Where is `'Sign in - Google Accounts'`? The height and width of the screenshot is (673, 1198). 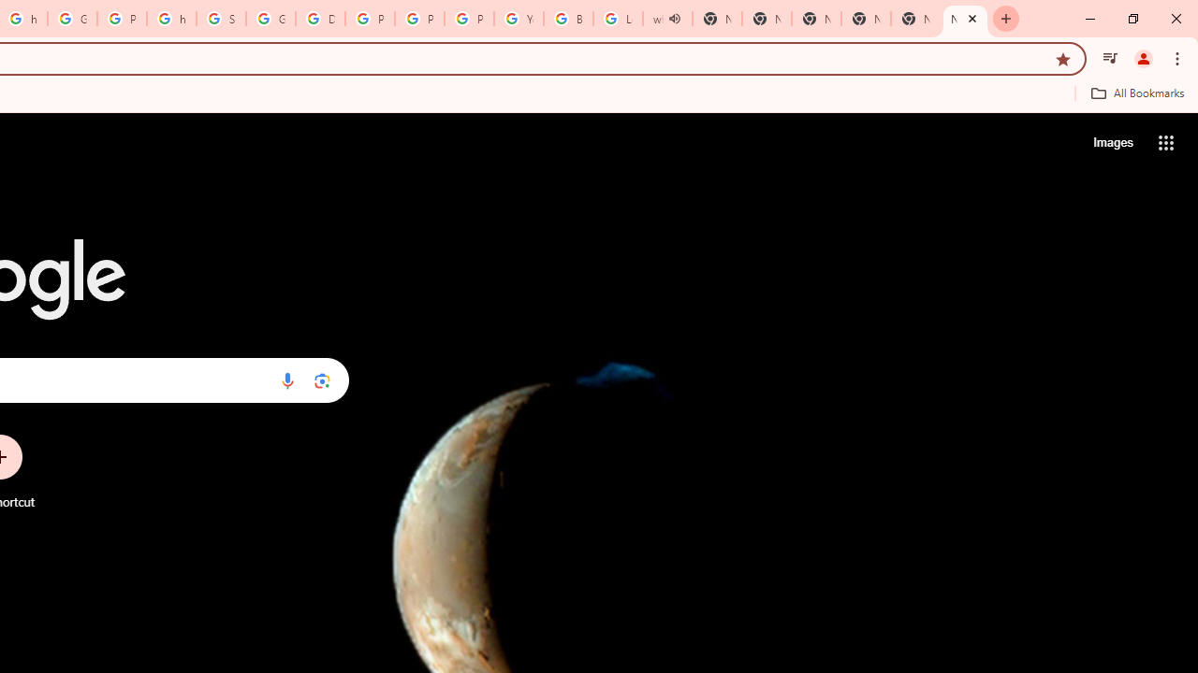 'Sign in - Google Accounts' is located at coordinates (221, 19).